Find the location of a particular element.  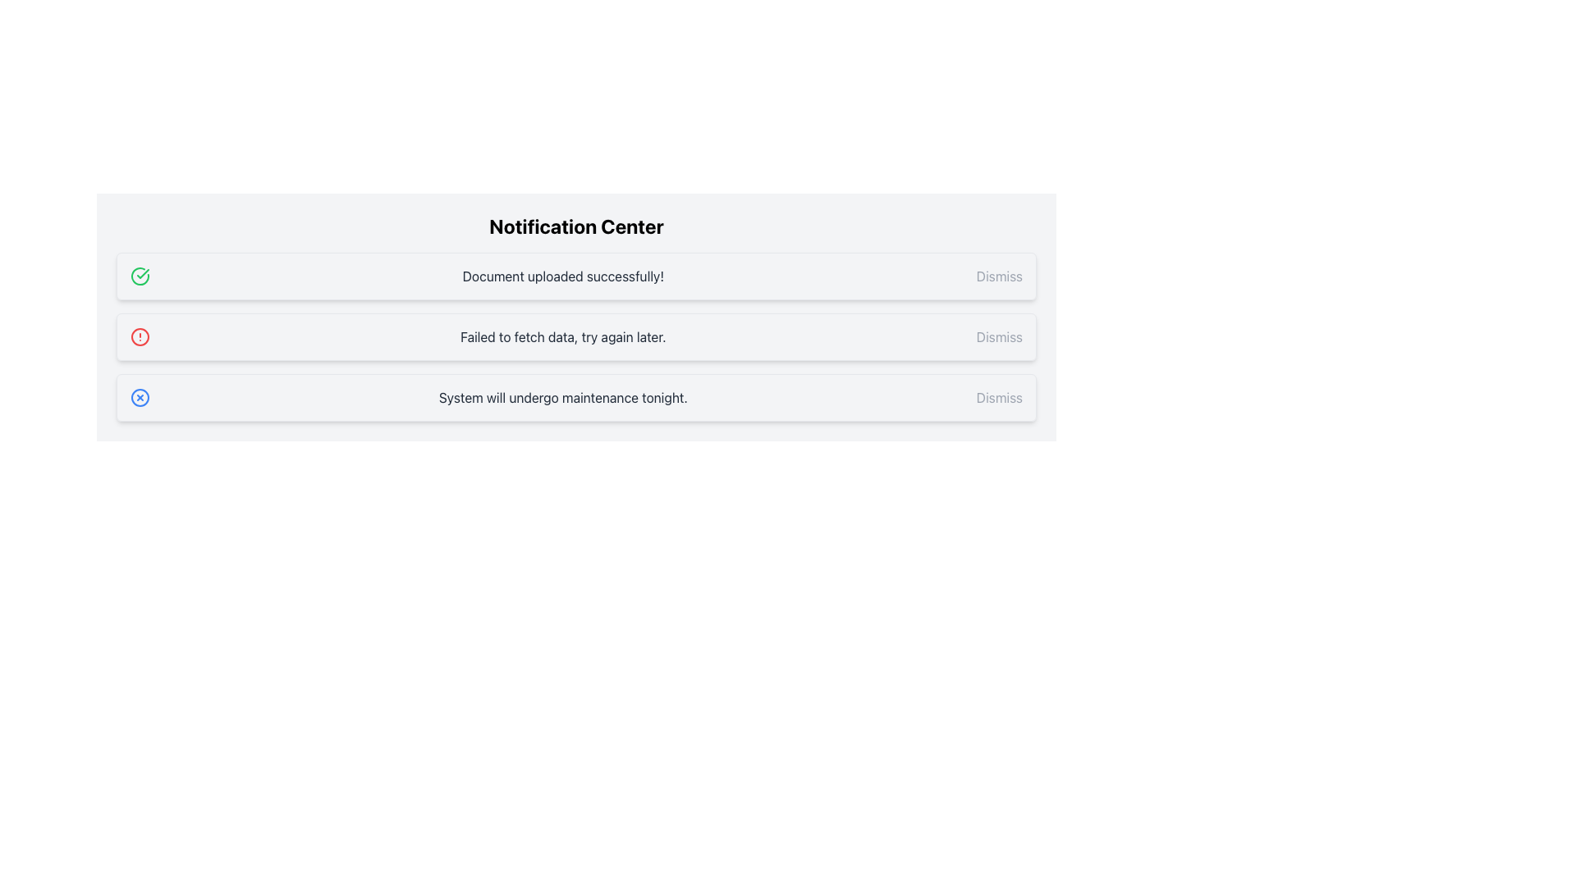

the SVG Circle element that indicates the notification status within the third notification item in the Notification Center for additional inspection is located at coordinates (140, 398).